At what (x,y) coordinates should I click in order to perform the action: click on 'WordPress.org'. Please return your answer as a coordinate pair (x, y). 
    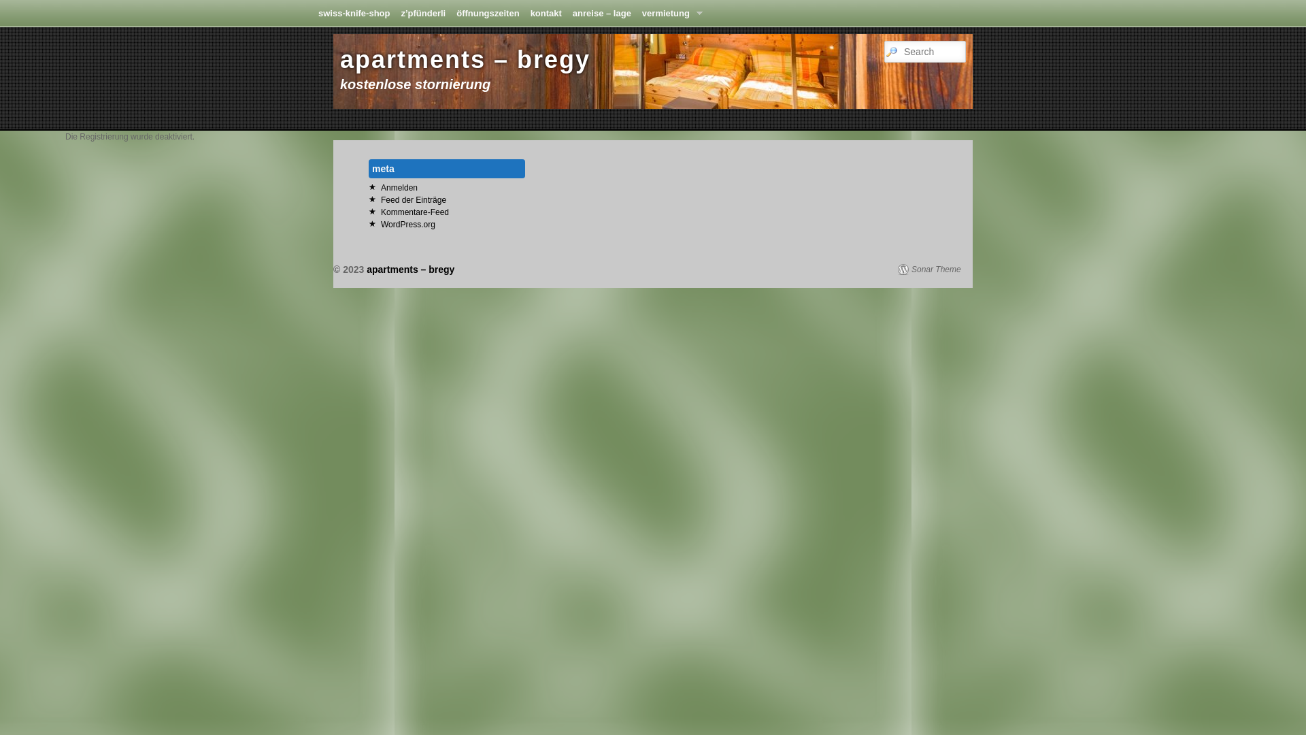
    Looking at the image, I should click on (407, 224).